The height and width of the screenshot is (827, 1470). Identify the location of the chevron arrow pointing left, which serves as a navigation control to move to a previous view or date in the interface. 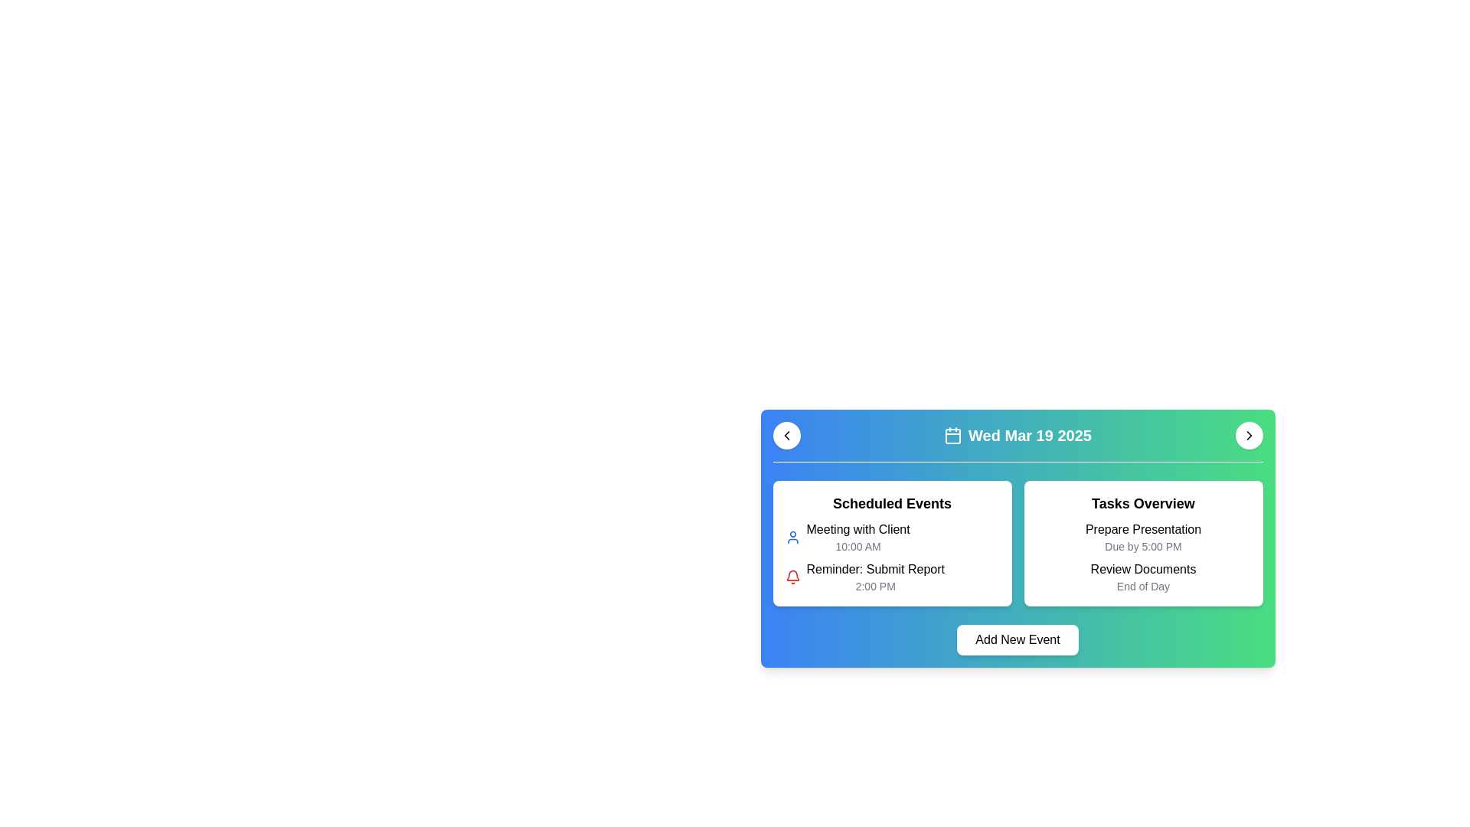
(786, 436).